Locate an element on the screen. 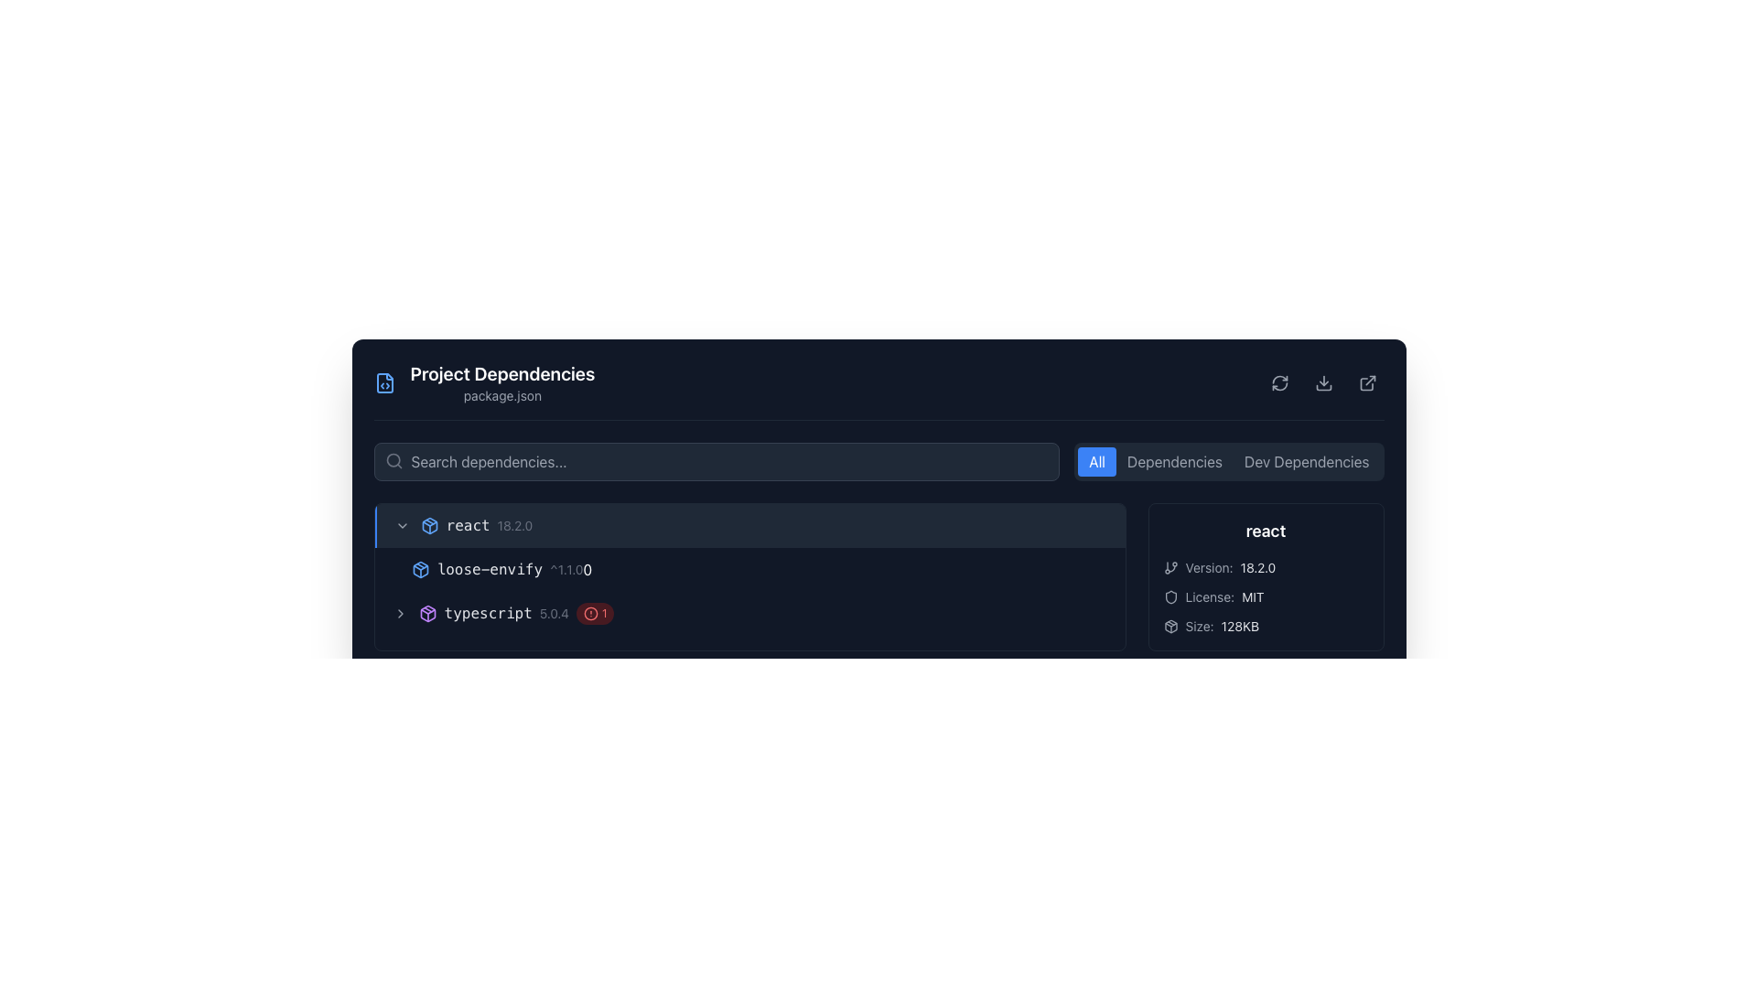  the informational text label that specifies the context for 'package.json', located beneath the 'Project Dependencies' title is located at coordinates (502, 394).